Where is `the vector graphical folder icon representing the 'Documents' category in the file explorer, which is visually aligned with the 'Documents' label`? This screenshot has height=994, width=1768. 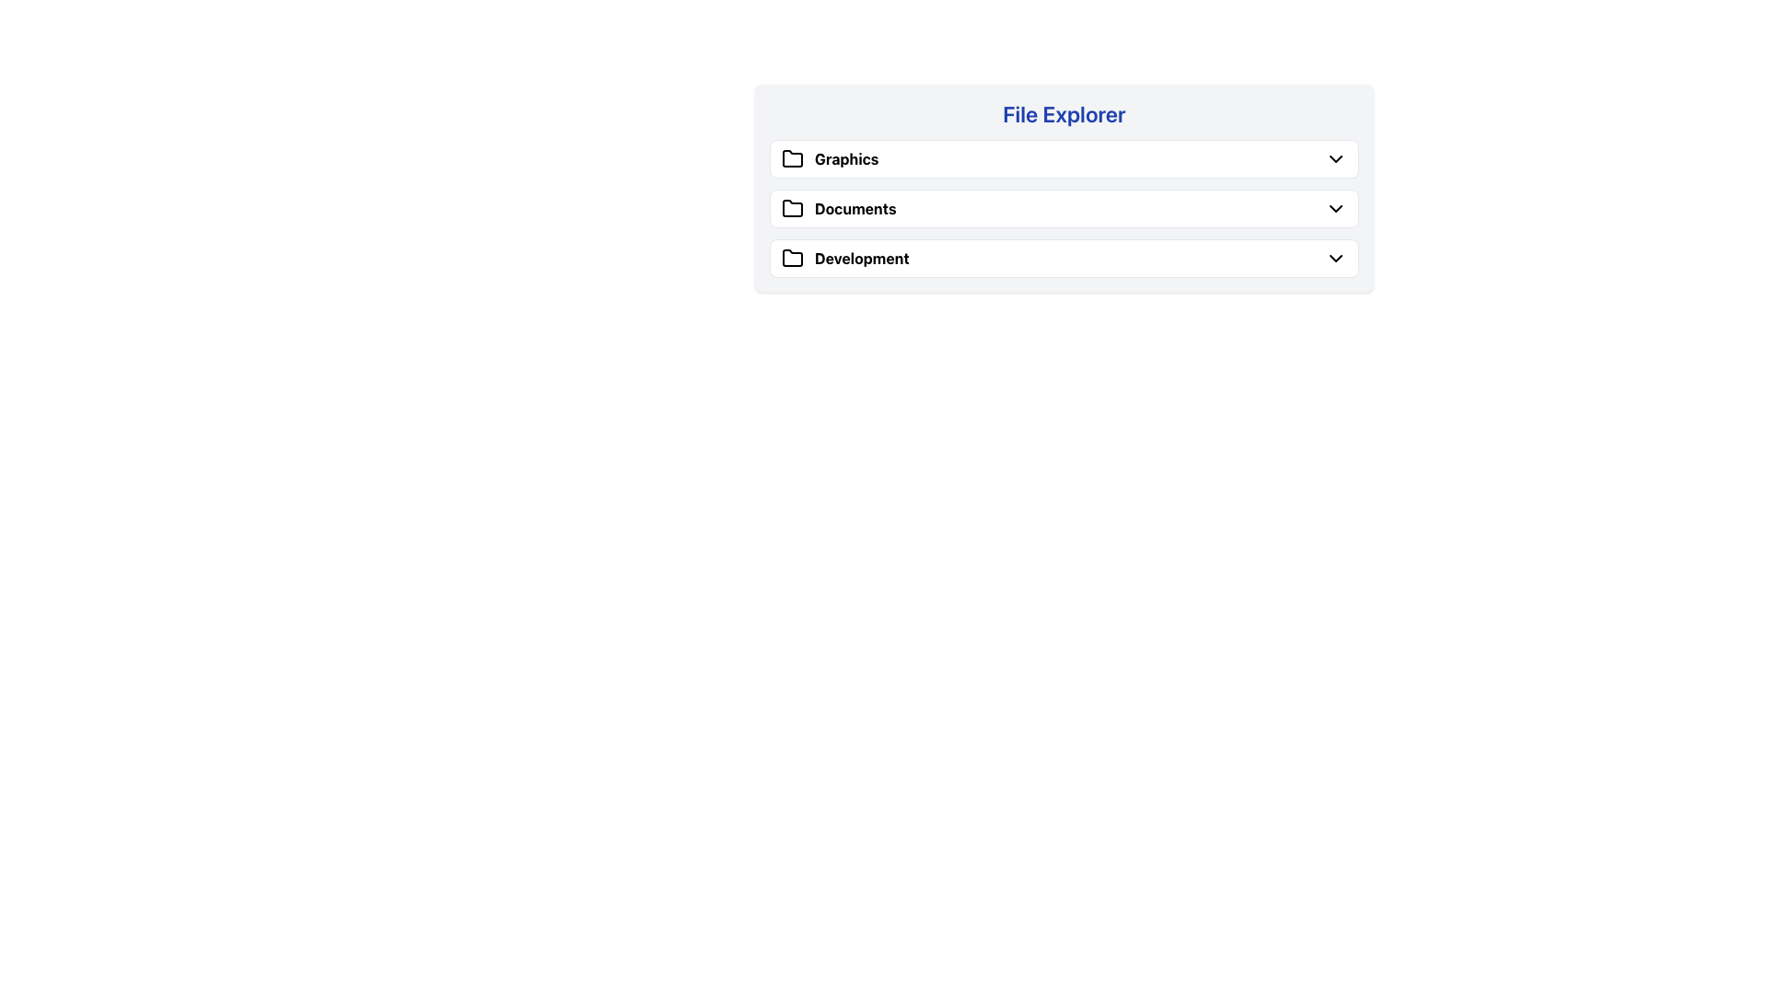 the vector graphical folder icon representing the 'Documents' category in the file explorer, which is visually aligned with the 'Documents' label is located at coordinates (792, 207).